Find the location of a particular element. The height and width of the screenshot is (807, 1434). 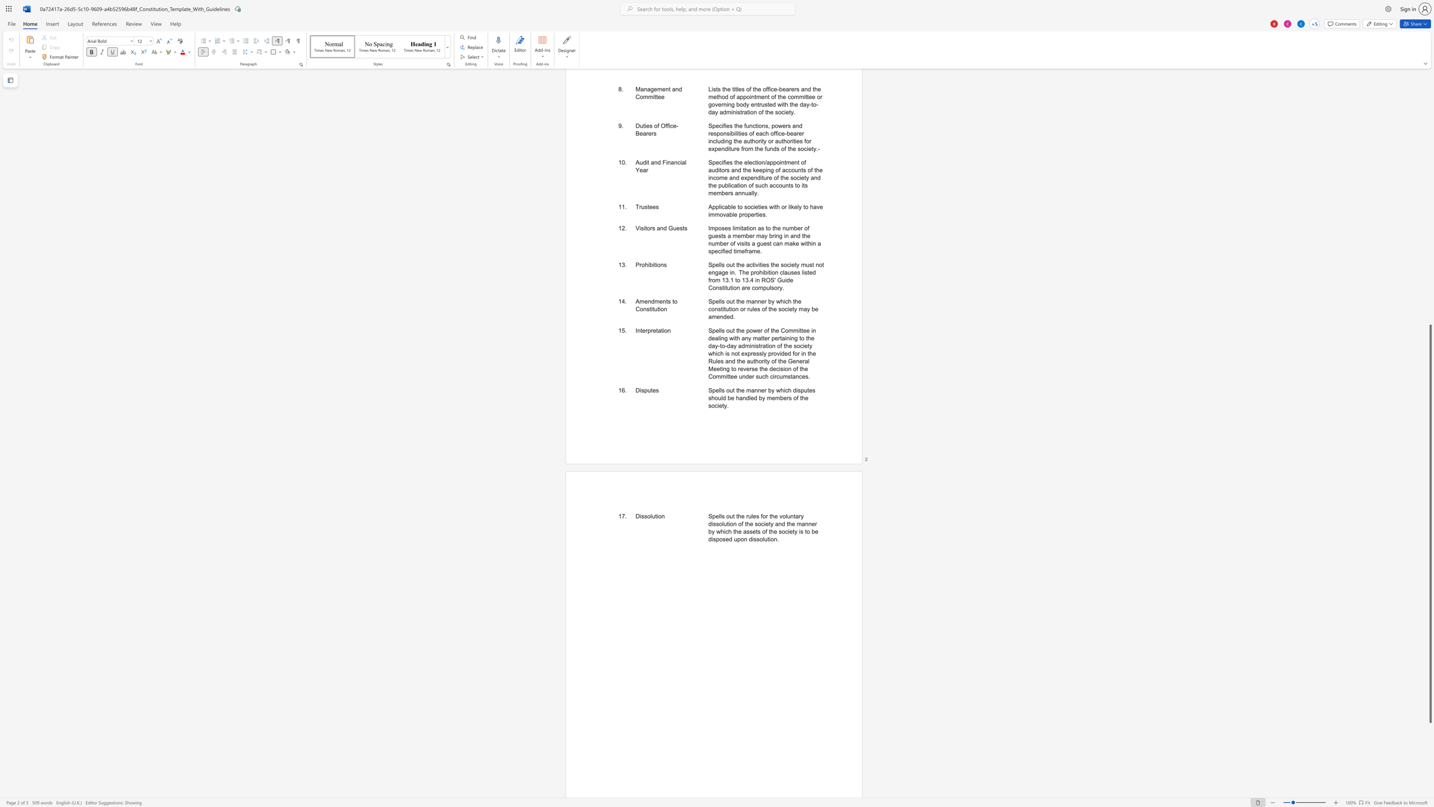

the scrollbar on the side is located at coordinates (1430, 250).